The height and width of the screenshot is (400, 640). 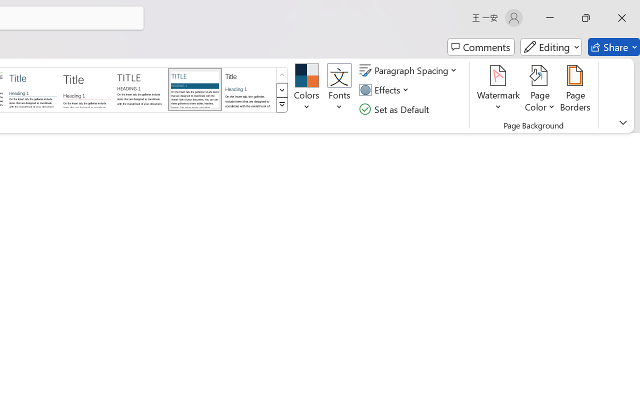 I want to click on 'Close', so click(x=621, y=17).